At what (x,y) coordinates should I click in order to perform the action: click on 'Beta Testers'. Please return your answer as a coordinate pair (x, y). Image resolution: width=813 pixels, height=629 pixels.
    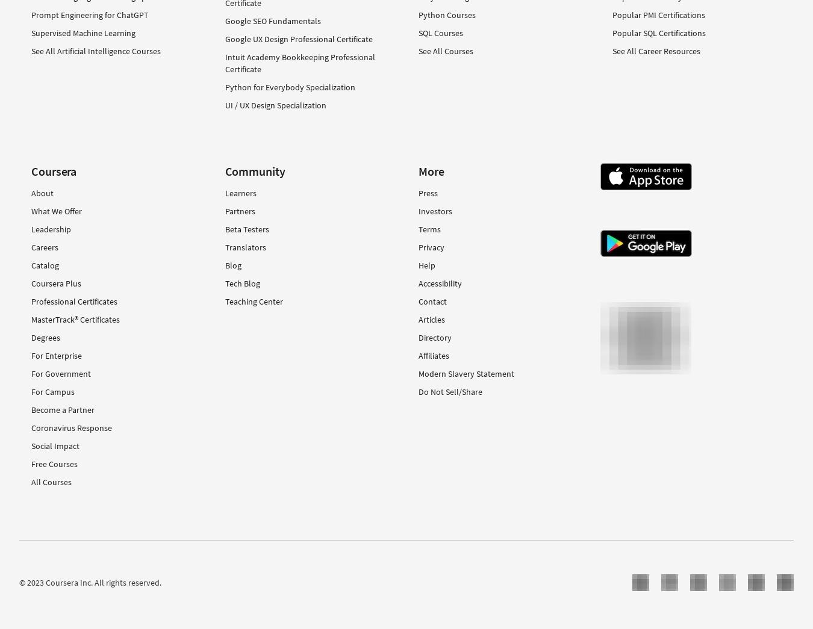
    Looking at the image, I should click on (246, 228).